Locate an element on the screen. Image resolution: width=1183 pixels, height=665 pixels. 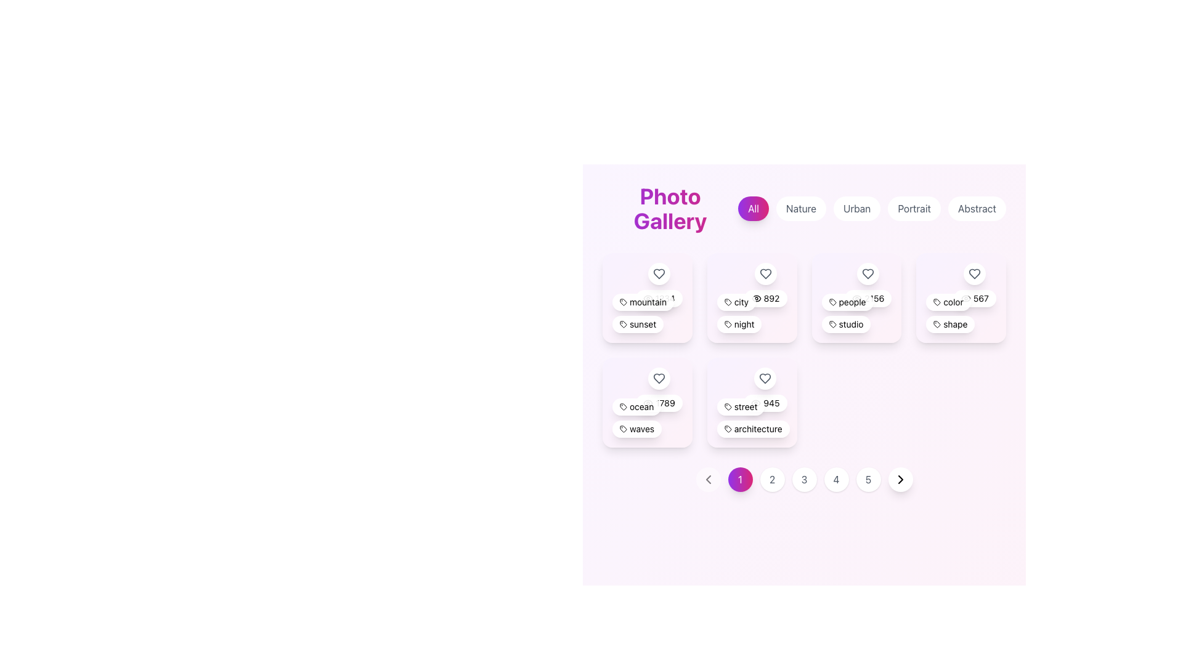
the first tag labeled 'ocean' in the tag group of the 'Photo Gallery' interface is located at coordinates (636, 406).